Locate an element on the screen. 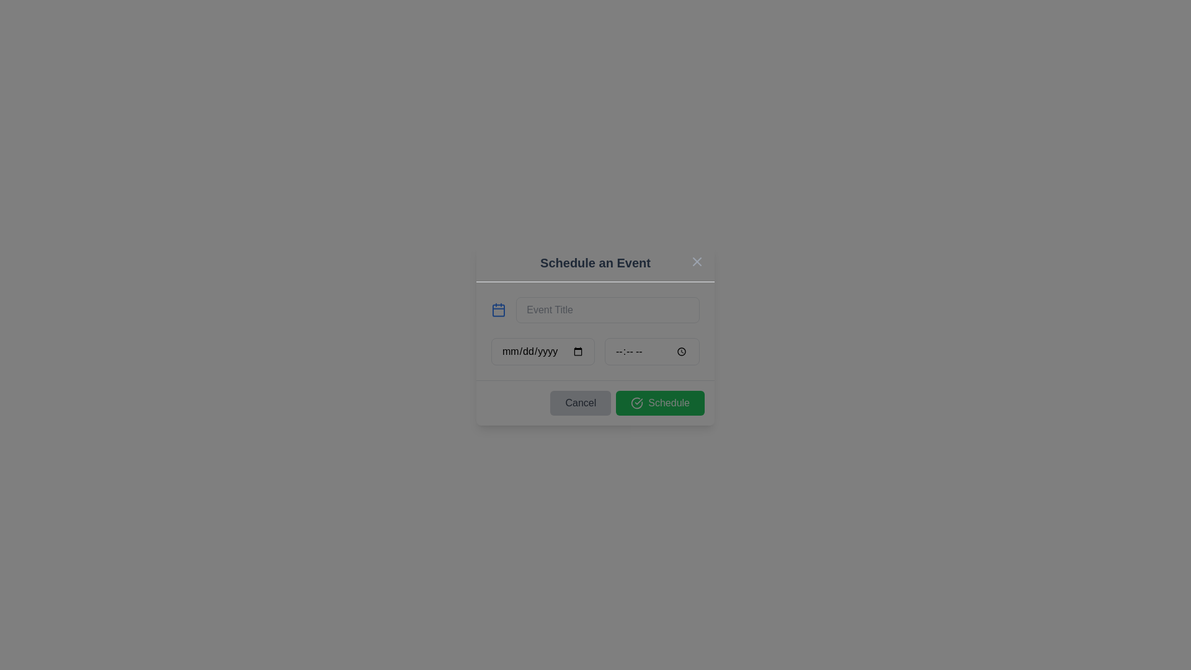 The width and height of the screenshot is (1191, 670). text titled 'Schedule an Event' which is displayed prominently in bold, extra-large dark gray font on a light gray background in the header section of the popup dialog is located at coordinates (595, 262).